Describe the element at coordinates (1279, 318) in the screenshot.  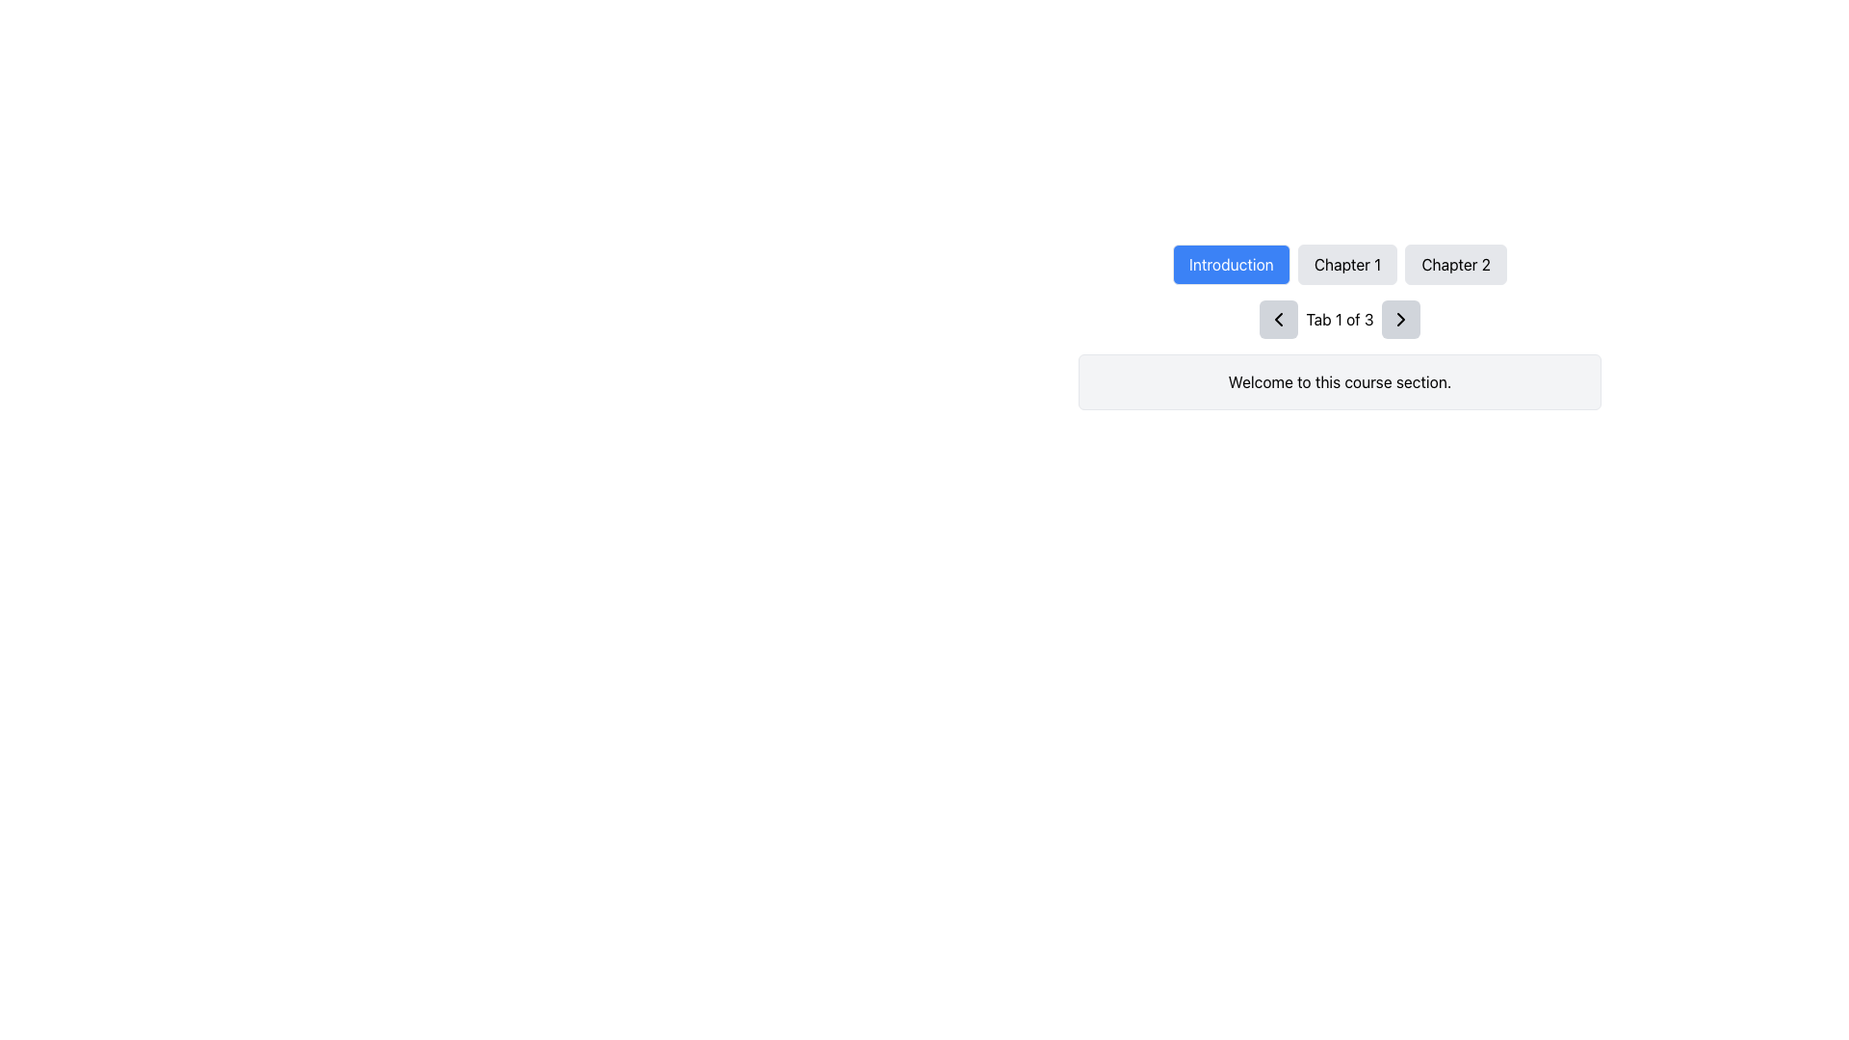
I see `the left-pointing chevron icon` at that location.